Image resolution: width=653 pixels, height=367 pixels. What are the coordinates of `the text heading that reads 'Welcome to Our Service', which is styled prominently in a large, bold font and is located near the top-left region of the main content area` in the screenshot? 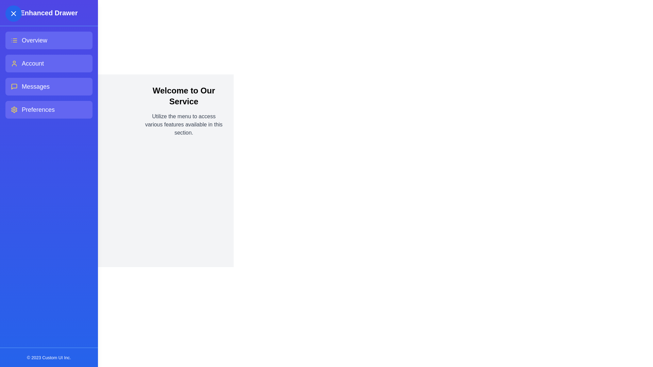 It's located at (184, 96).